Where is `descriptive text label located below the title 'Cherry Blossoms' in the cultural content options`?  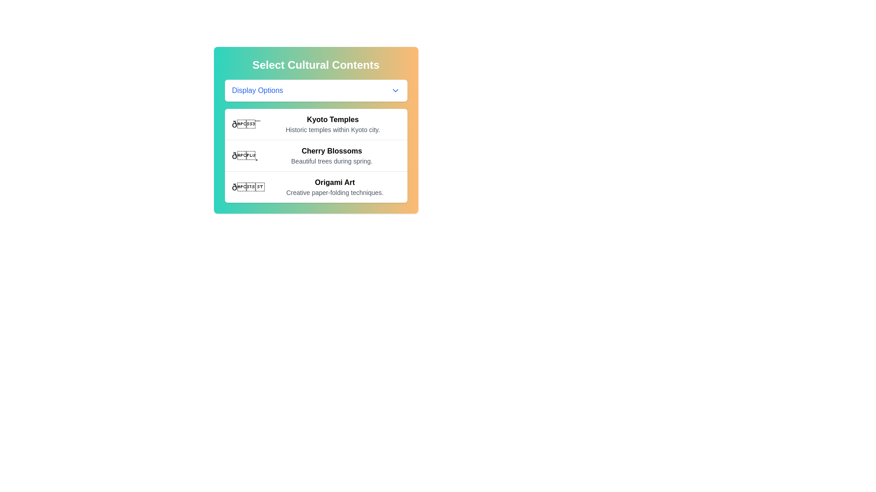
descriptive text label located below the title 'Cherry Blossoms' in the cultural content options is located at coordinates (331, 161).